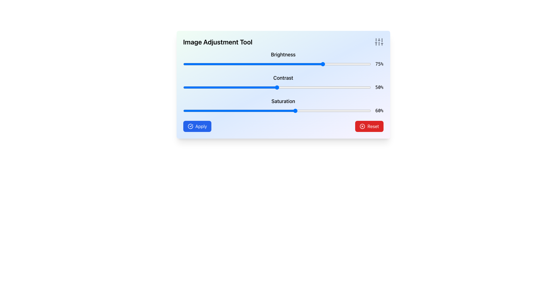 The height and width of the screenshot is (300, 534). Describe the element at coordinates (258, 64) in the screenshot. I see `brightness` at that location.